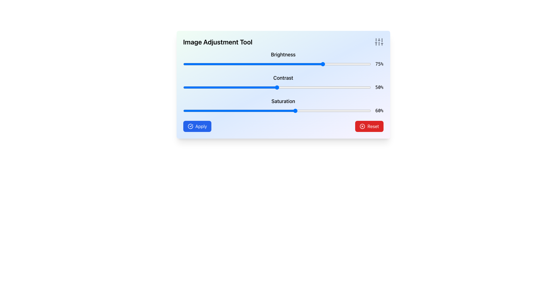 The height and width of the screenshot is (300, 534). Describe the element at coordinates (258, 64) in the screenshot. I see `brightness` at that location.